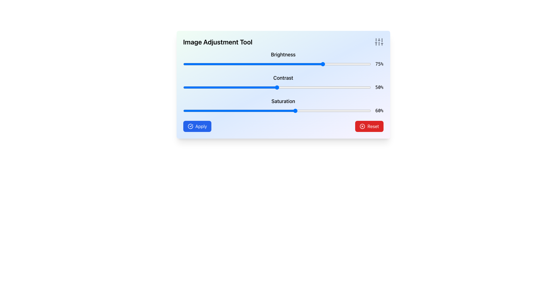 The height and width of the screenshot is (300, 534). Describe the element at coordinates (258, 64) in the screenshot. I see `brightness` at that location.